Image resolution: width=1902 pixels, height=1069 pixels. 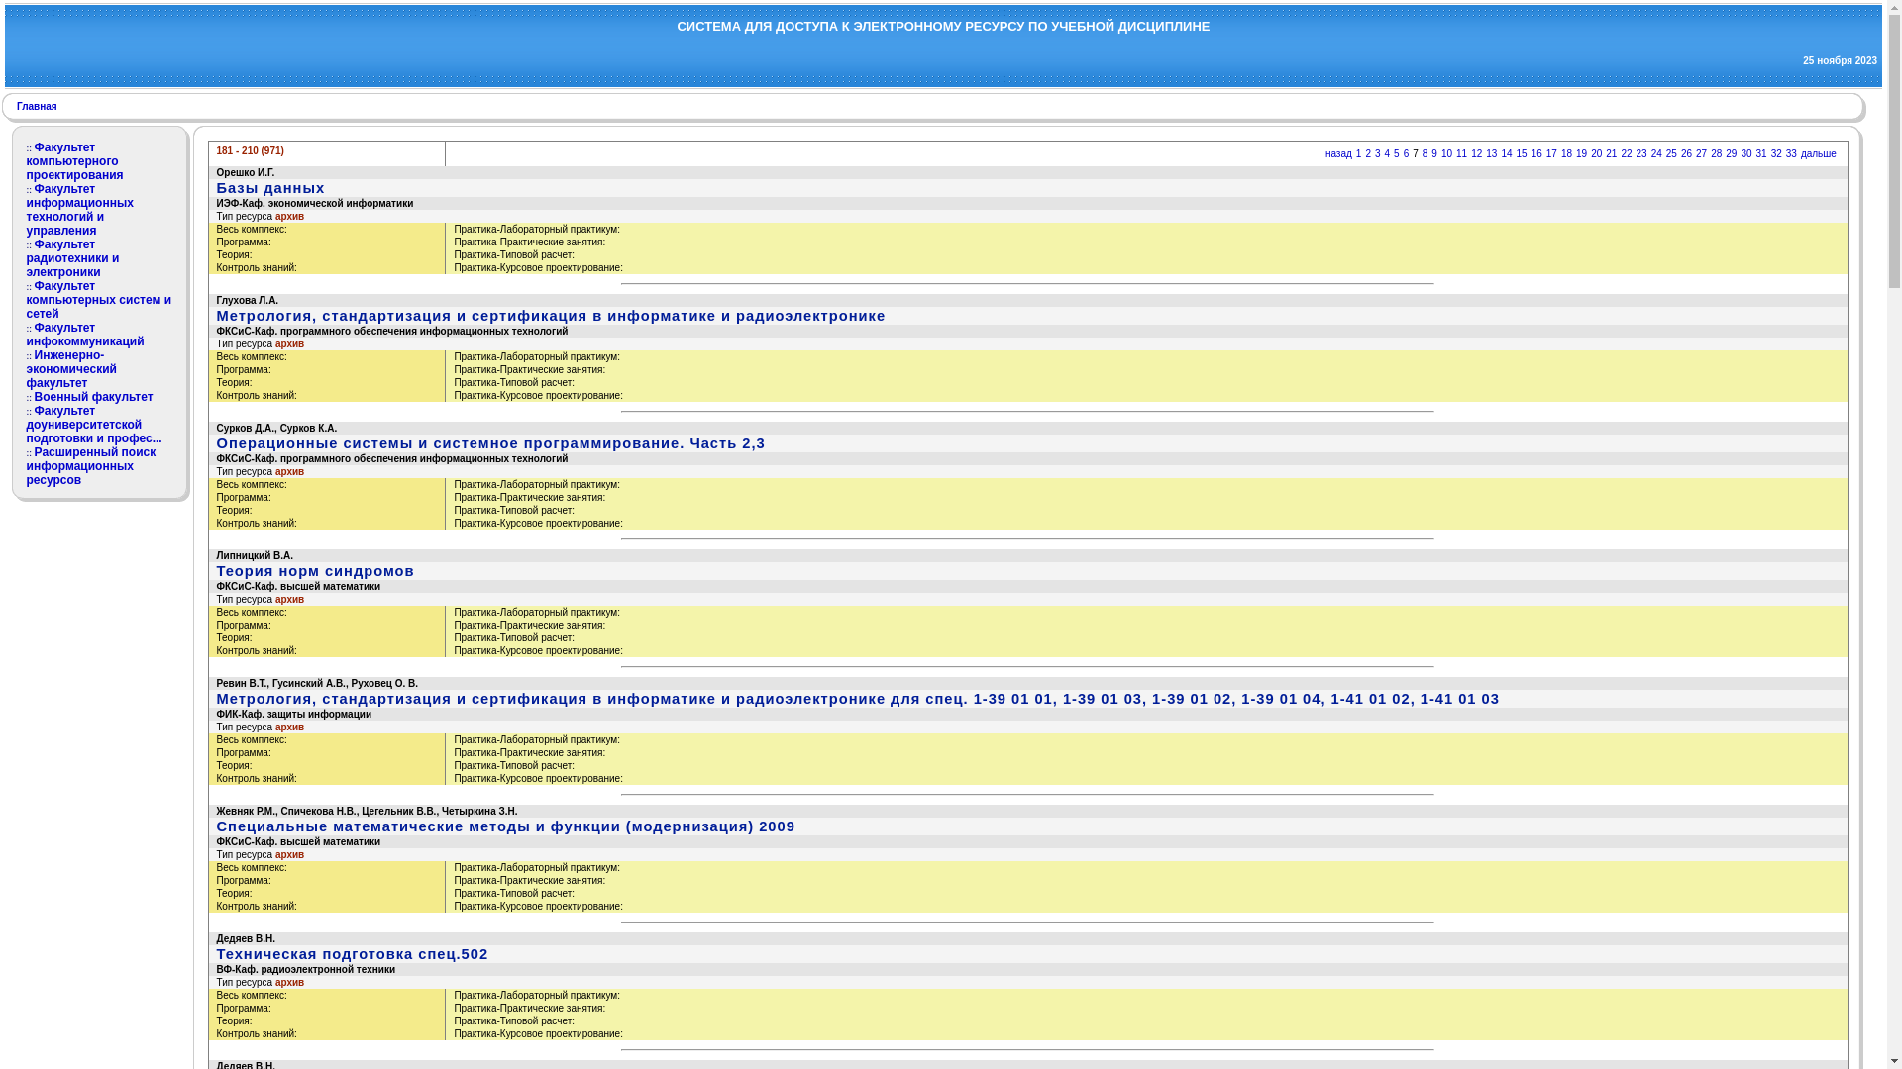 What do you see at coordinates (1626, 152) in the screenshot?
I see `'22'` at bounding box center [1626, 152].